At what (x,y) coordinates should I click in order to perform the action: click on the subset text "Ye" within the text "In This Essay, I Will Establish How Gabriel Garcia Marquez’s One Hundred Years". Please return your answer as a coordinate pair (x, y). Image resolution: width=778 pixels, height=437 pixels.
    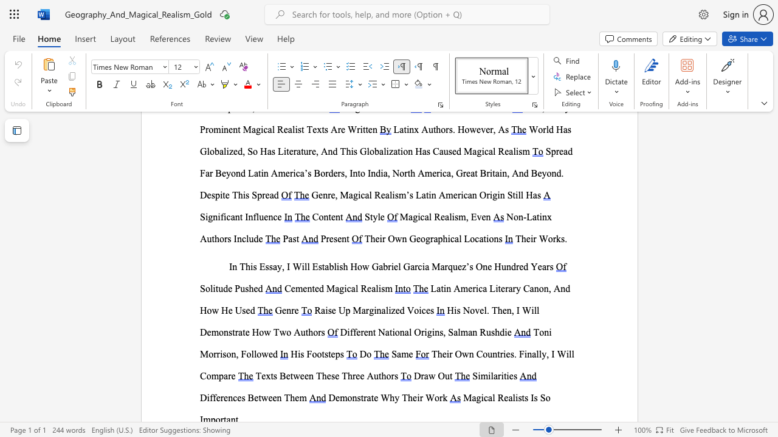
    Looking at the image, I should click on (531, 266).